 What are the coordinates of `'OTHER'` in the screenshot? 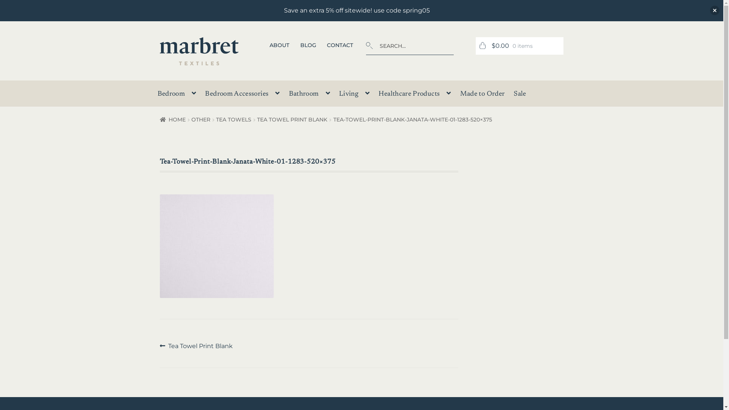 It's located at (200, 120).